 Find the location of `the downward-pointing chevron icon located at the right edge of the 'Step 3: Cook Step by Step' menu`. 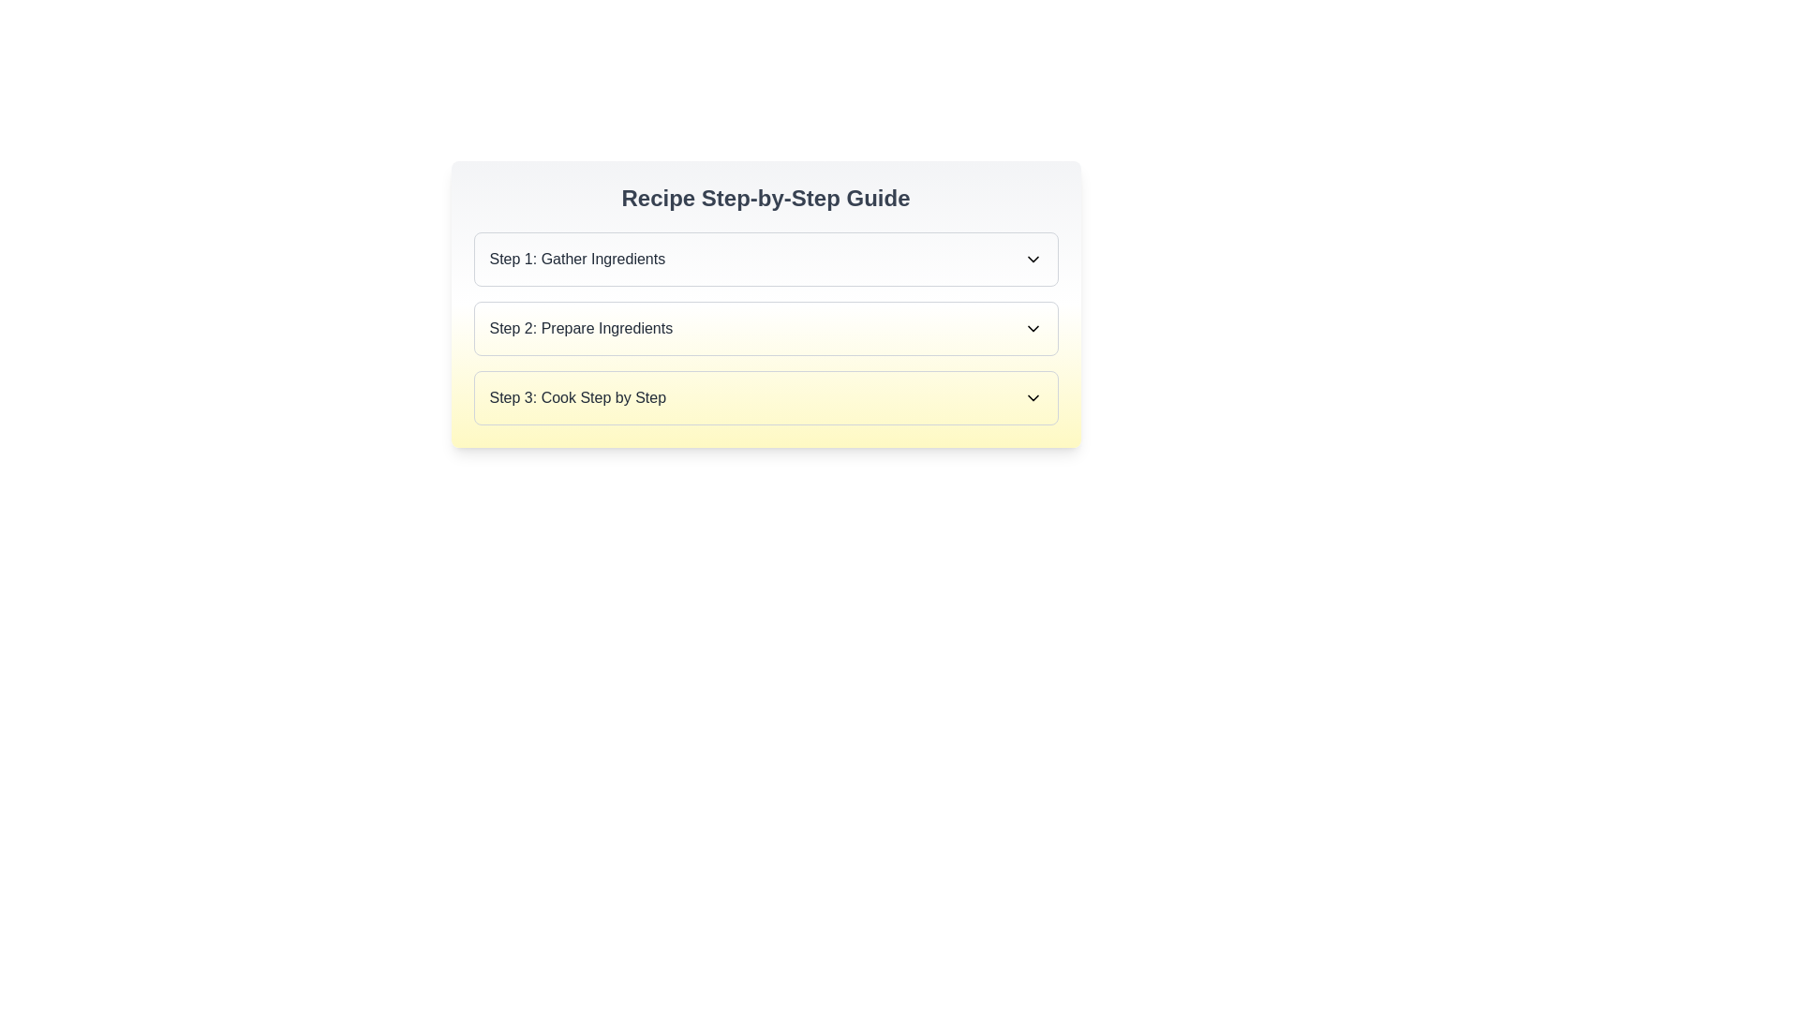

the downward-pointing chevron icon located at the right edge of the 'Step 3: Cook Step by Step' menu is located at coordinates (1032, 396).